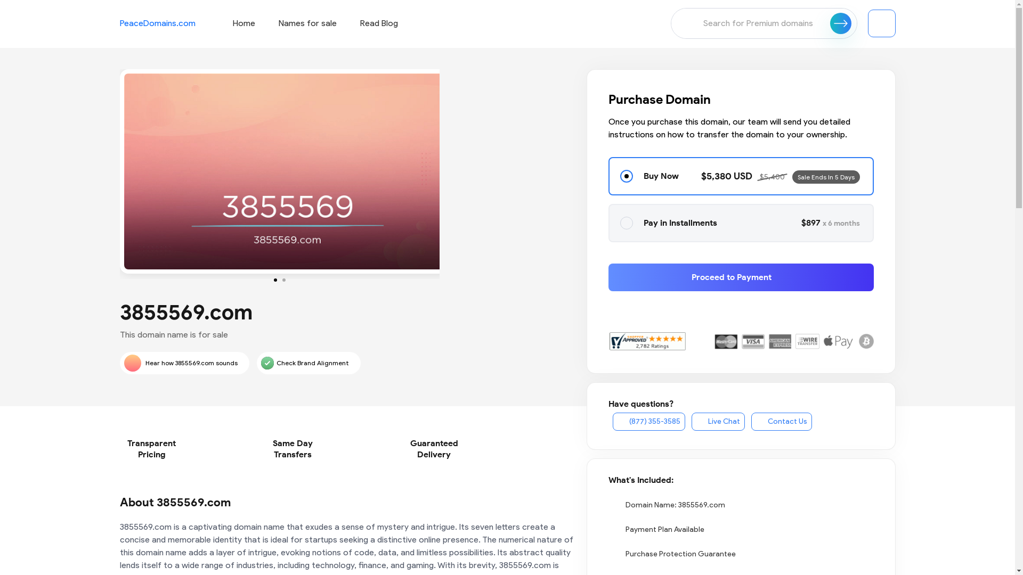  What do you see at coordinates (306, 23) in the screenshot?
I see `'Names for sale'` at bounding box center [306, 23].